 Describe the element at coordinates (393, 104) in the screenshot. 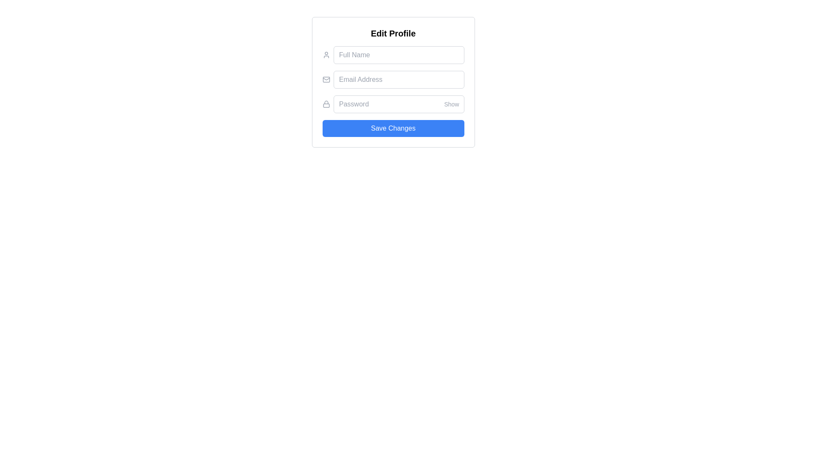

I see `the password input field and visibility toggle of the form group` at that location.